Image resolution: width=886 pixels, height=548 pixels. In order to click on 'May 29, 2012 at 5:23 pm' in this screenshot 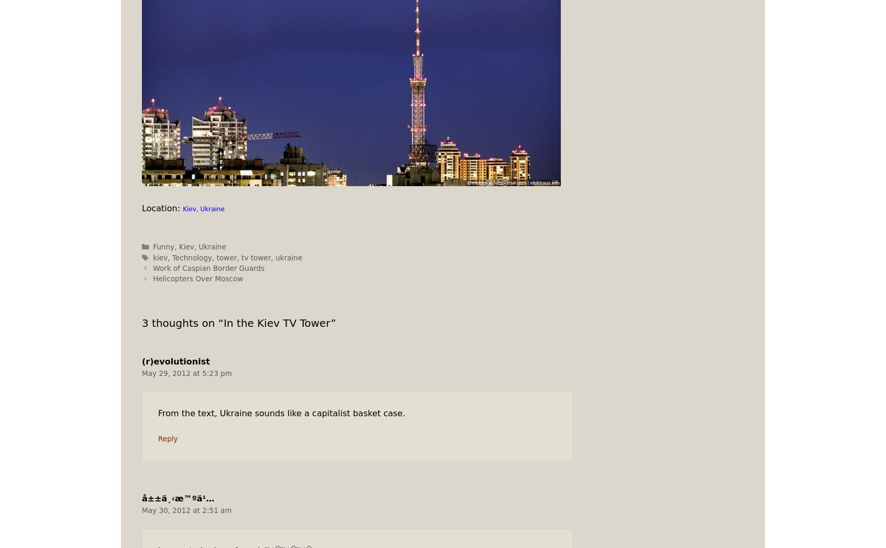, I will do `click(186, 372)`.